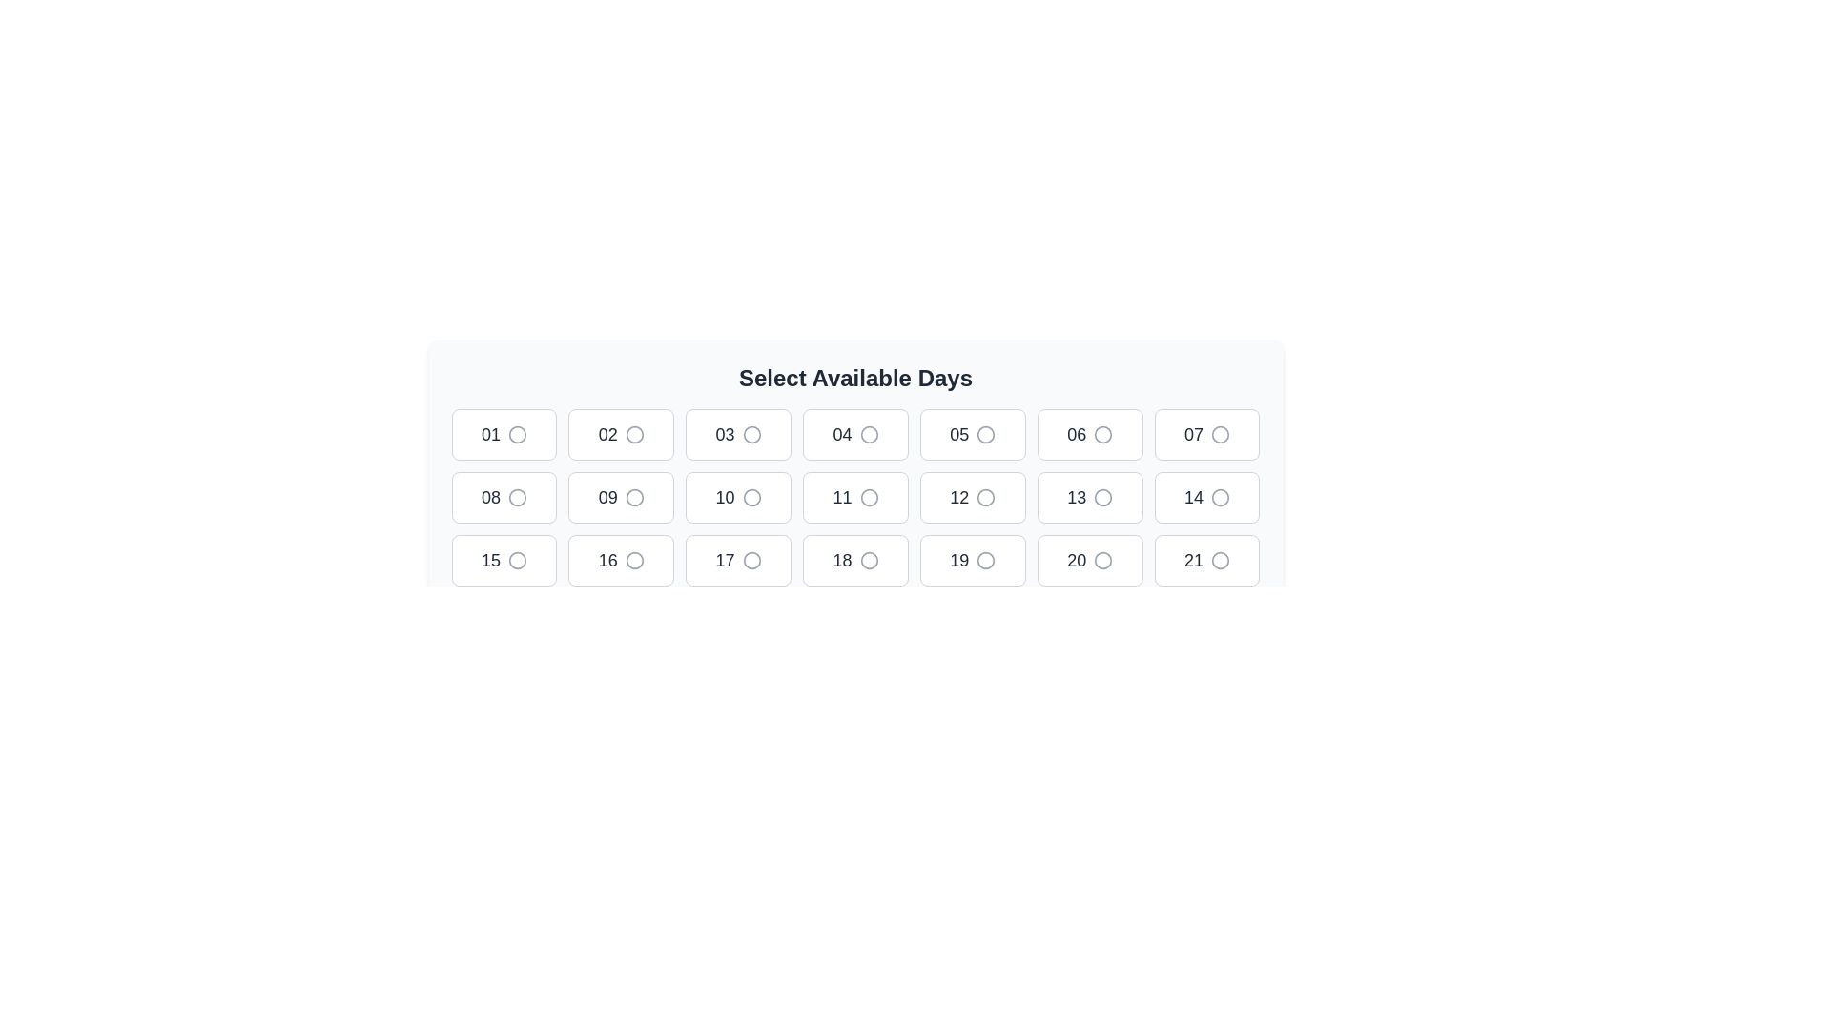 The image size is (1831, 1030). What do you see at coordinates (724, 496) in the screenshot?
I see `the text label '10' within the button that is the fifth element in the second row of a grid layout, styled in bold dark gray font` at bounding box center [724, 496].